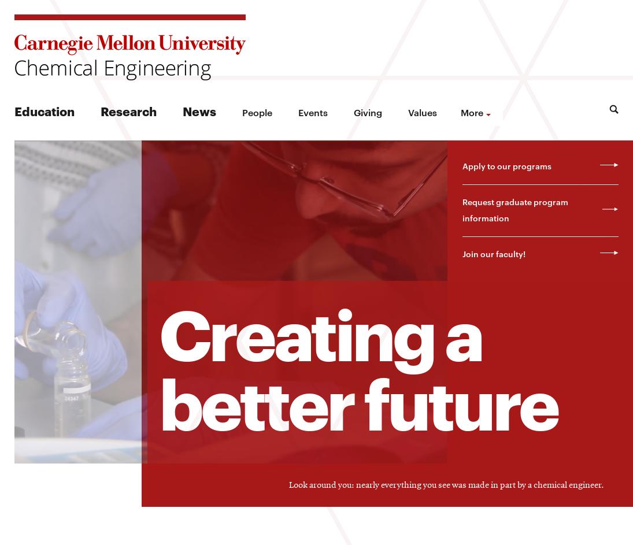 This screenshot has height=545, width=633. I want to click on 'Creating a better future', so click(358, 364).